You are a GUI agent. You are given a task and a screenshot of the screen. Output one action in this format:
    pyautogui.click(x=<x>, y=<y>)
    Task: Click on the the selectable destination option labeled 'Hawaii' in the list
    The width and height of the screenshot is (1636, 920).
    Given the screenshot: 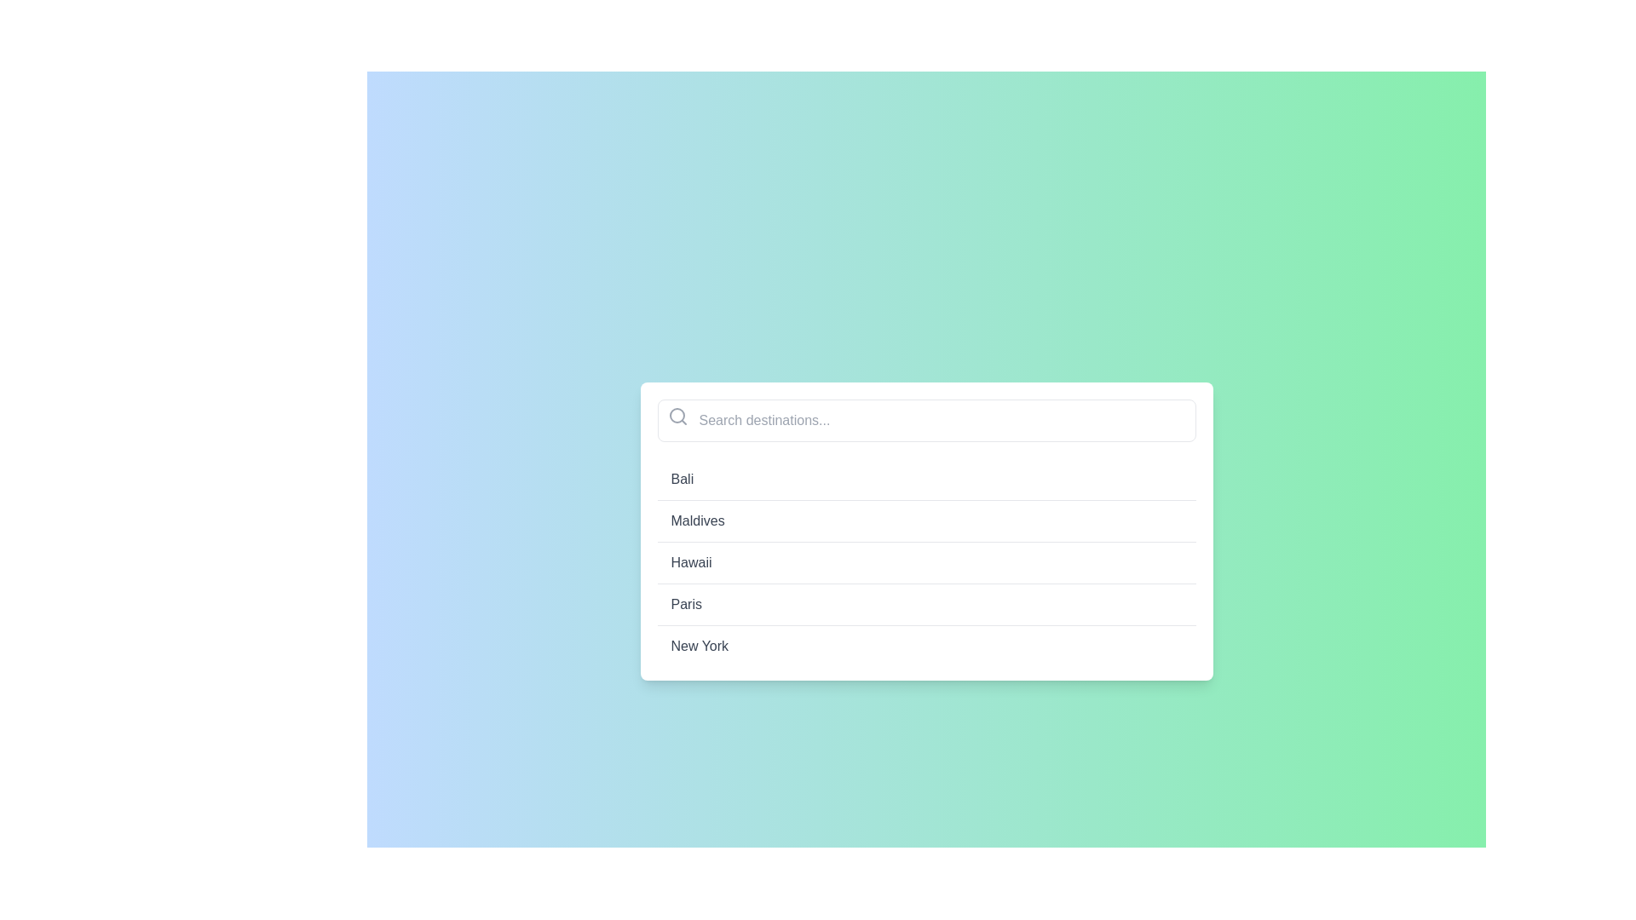 What is the action you would take?
    pyautogui.click(x=925, y=562)
    